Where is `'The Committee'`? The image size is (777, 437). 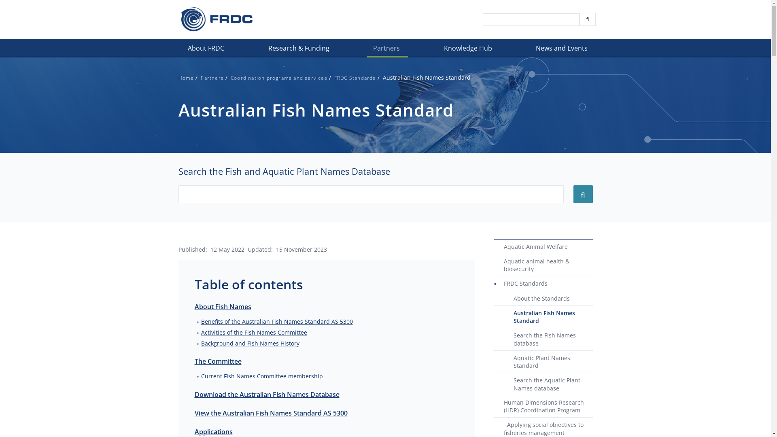 'The Committee' is located at coordinates (217, 361).